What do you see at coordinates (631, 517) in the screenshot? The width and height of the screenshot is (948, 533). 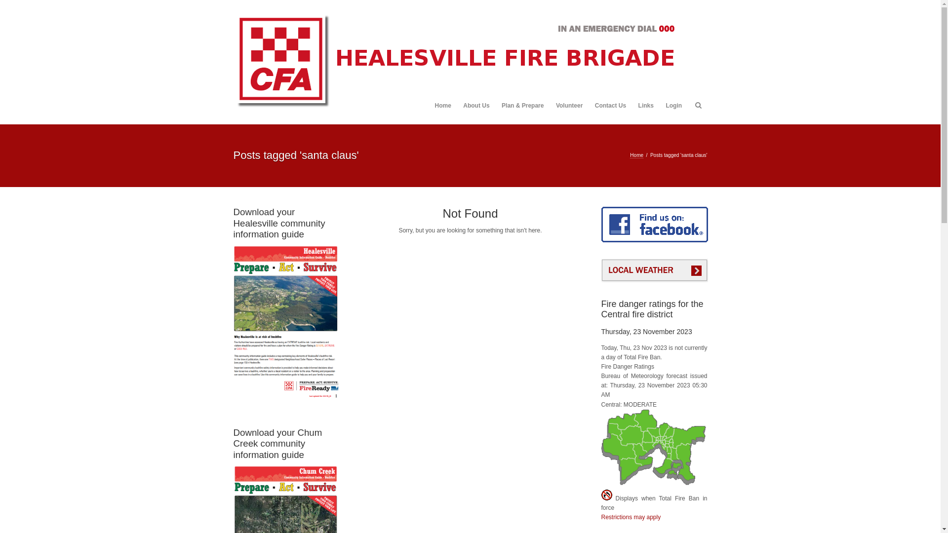 I see `'Restrictions may apply'` at bounding box center [631, 517].